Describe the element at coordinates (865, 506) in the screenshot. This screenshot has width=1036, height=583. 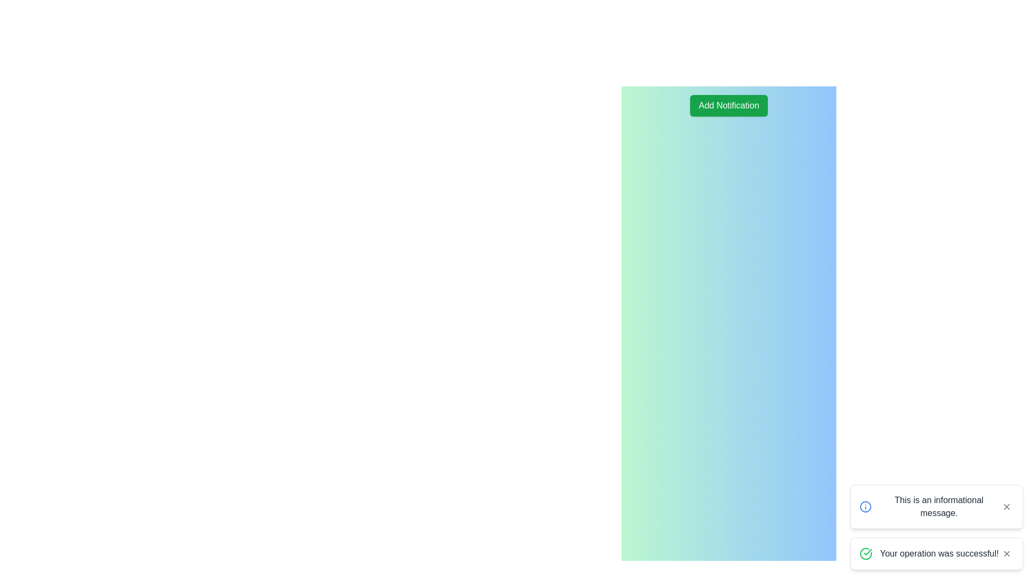
I see `the informational icon located at the top-left of the white notification box containing the text 'This is an informational message.'` at that location.